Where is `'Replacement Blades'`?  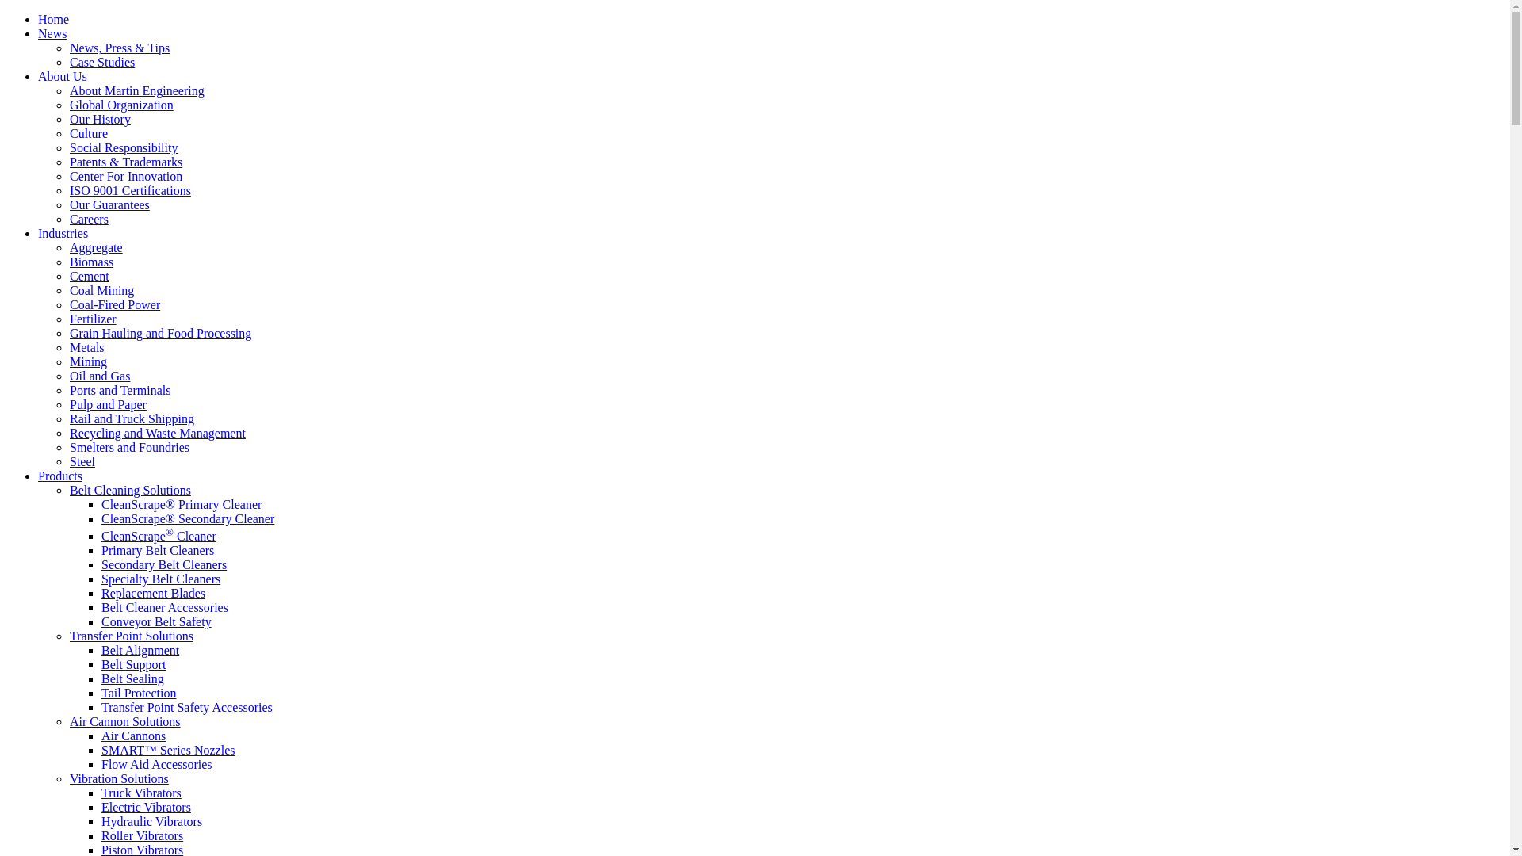
'Replacement Blades' is located at coordinates (153, 593).